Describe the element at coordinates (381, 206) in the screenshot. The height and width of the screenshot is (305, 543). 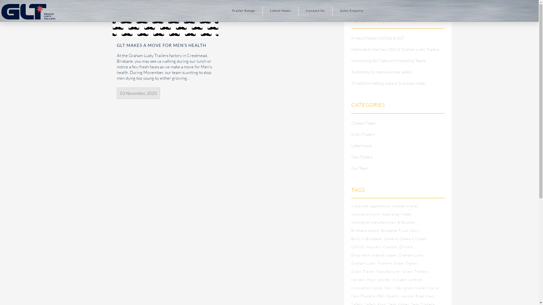
I see `'apprentice'` at that location.